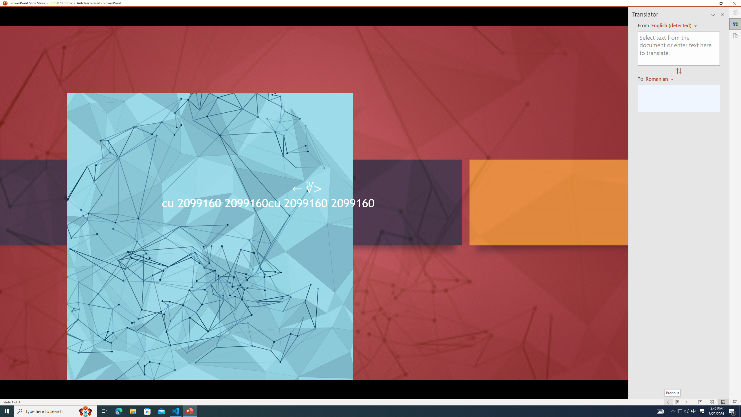  Describe the element at coordinates (722, 14) in the screenshot. I see `'Close pane'` at that location.